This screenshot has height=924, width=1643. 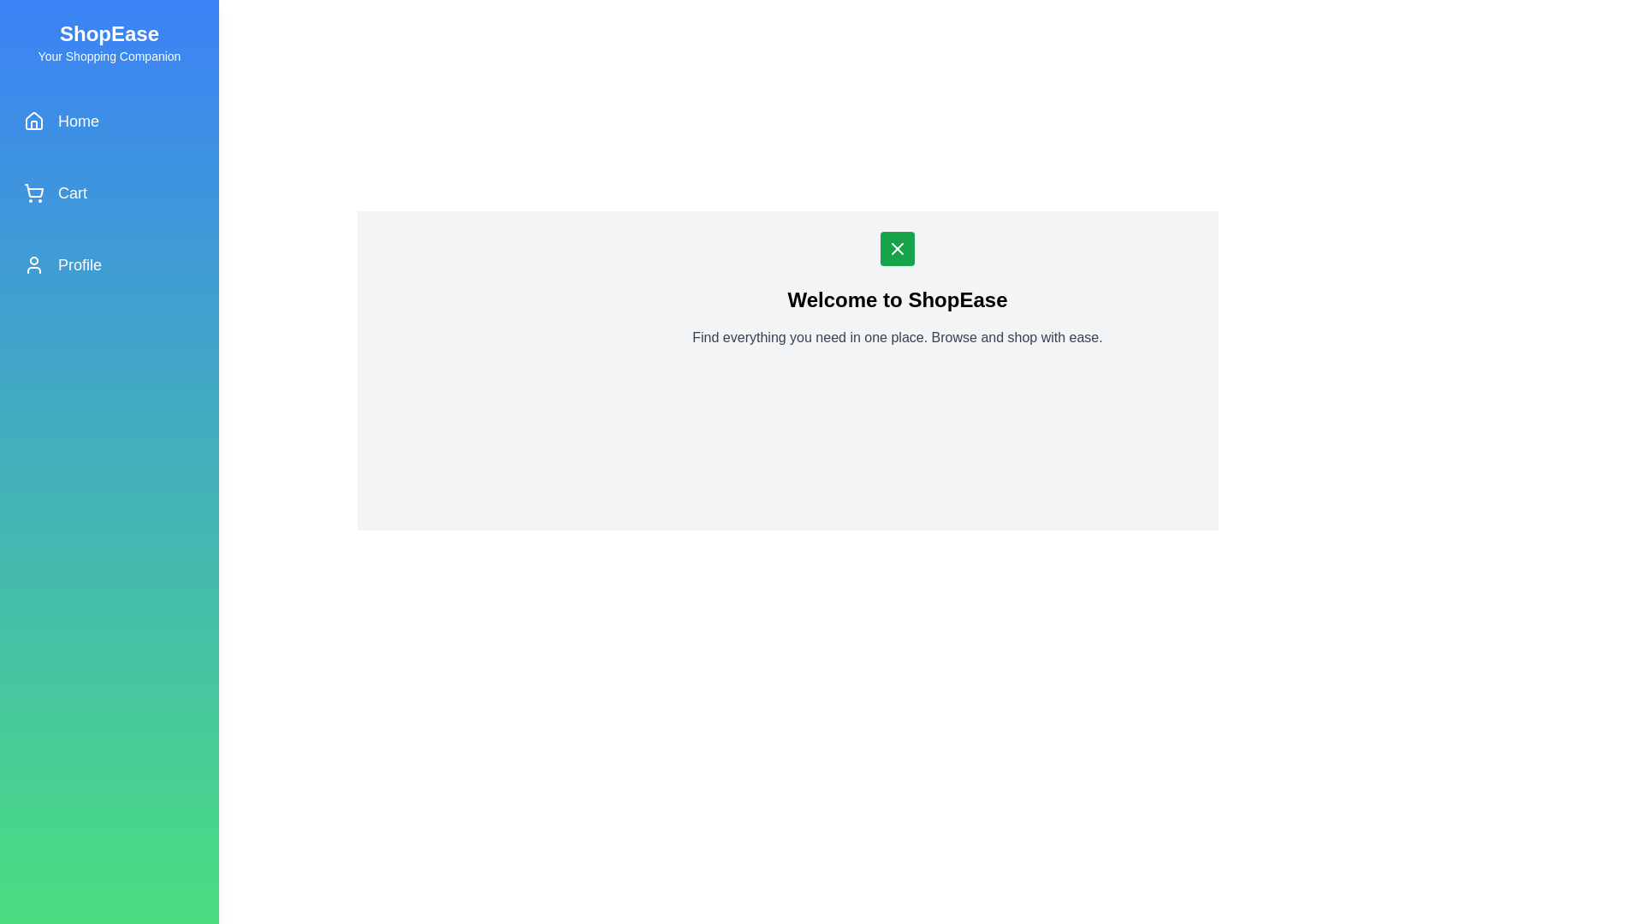 What do you see at coordinates (33, 264) in the screenshot?
I see `the 'Profile' icon located in the left vertical navigation bar` at bounding box center [33, 264].